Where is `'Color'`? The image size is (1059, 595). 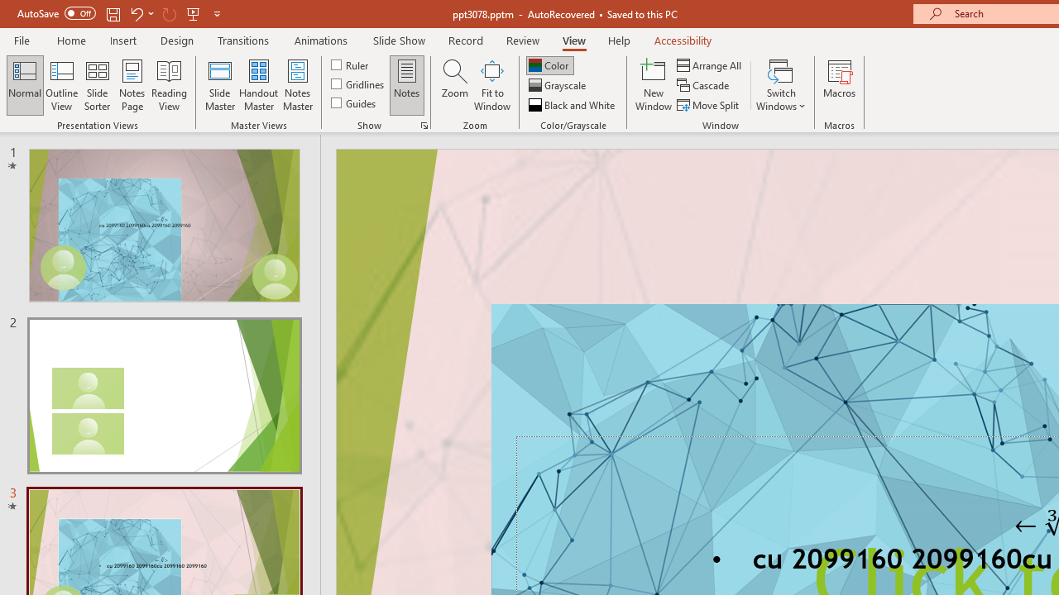 'Color' is located at coordinates (549, 64).